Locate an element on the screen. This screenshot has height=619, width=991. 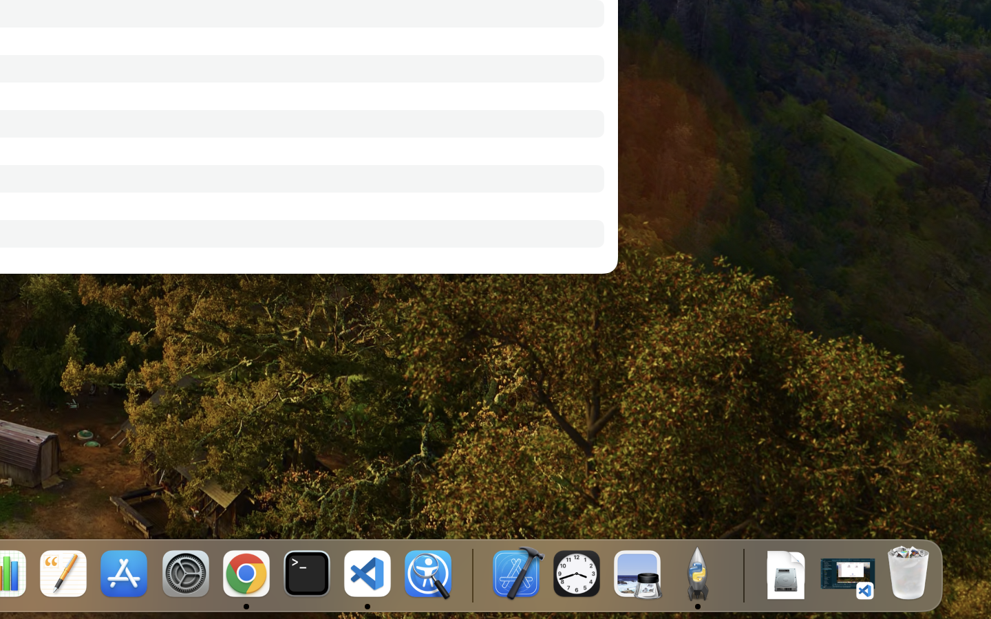
'0.4285714328289032' is located at coordinates (471, 574).